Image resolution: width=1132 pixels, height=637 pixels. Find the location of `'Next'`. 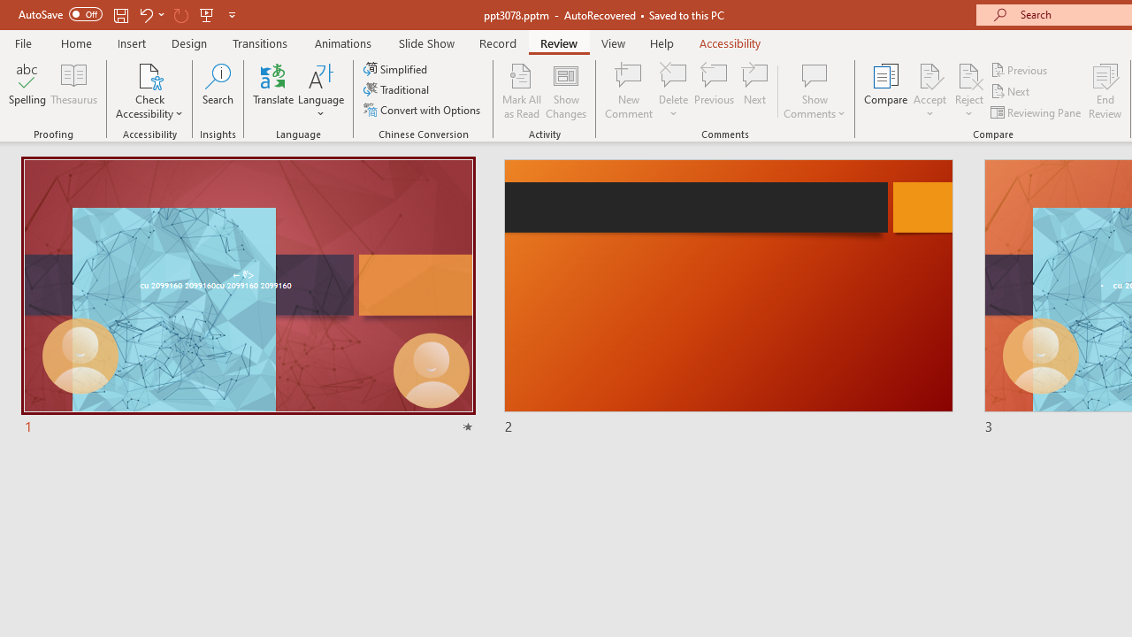

'Next' is located at coordinates (1012, 91).